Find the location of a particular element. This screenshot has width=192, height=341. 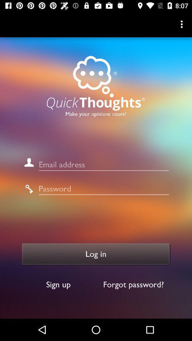

sign up icon is located at coordinates (58, 285).